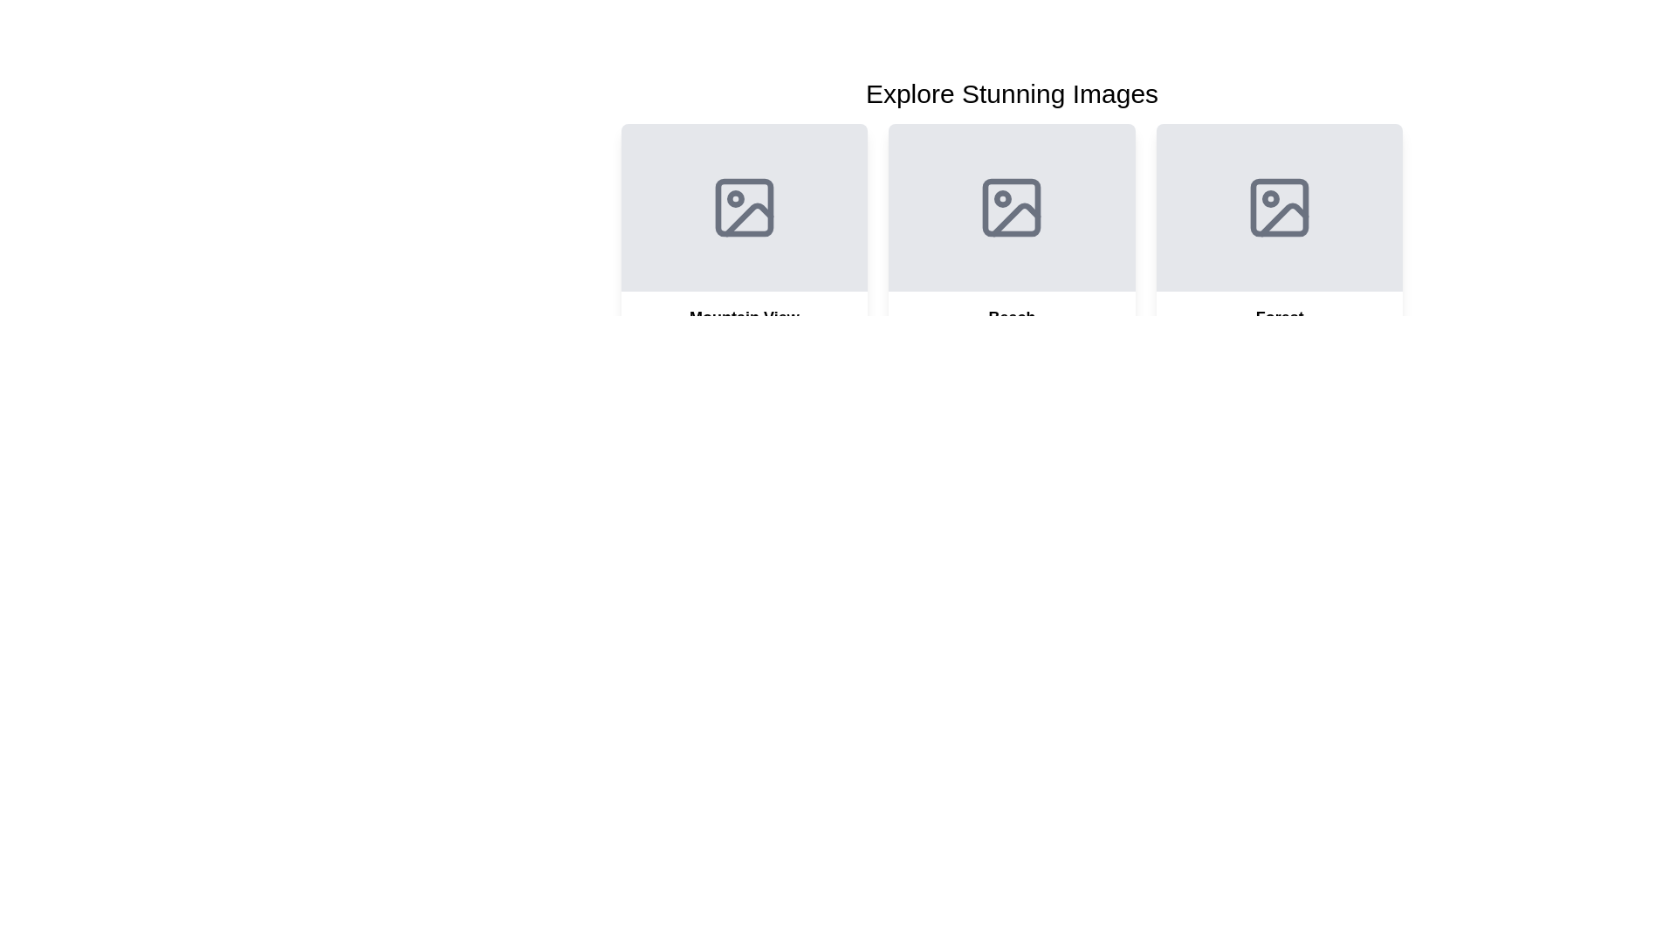  What do you see at coordinates (744, 207) in the screenshot?
I see `the first image placeholder element located above the title 'Mountain View'` at bounding box center [744, 207].